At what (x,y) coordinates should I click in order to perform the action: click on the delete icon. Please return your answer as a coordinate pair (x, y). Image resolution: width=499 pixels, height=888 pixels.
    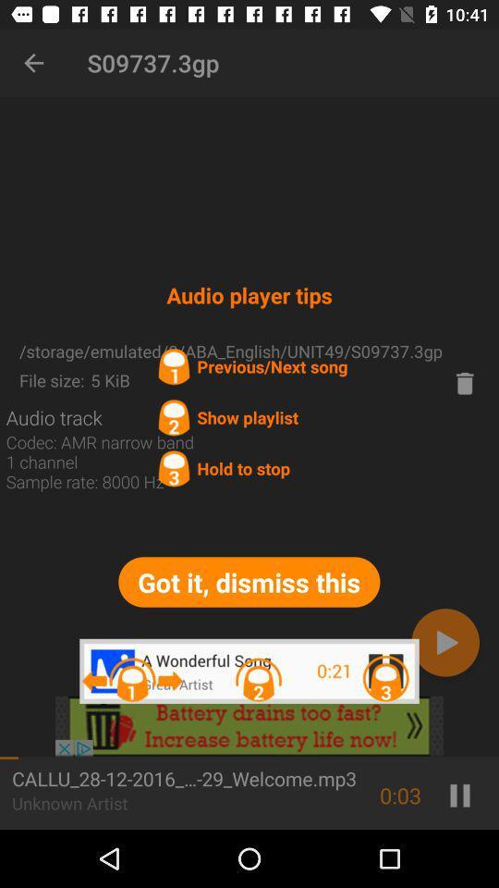
    Looking at the image, I should click on (464, 382).